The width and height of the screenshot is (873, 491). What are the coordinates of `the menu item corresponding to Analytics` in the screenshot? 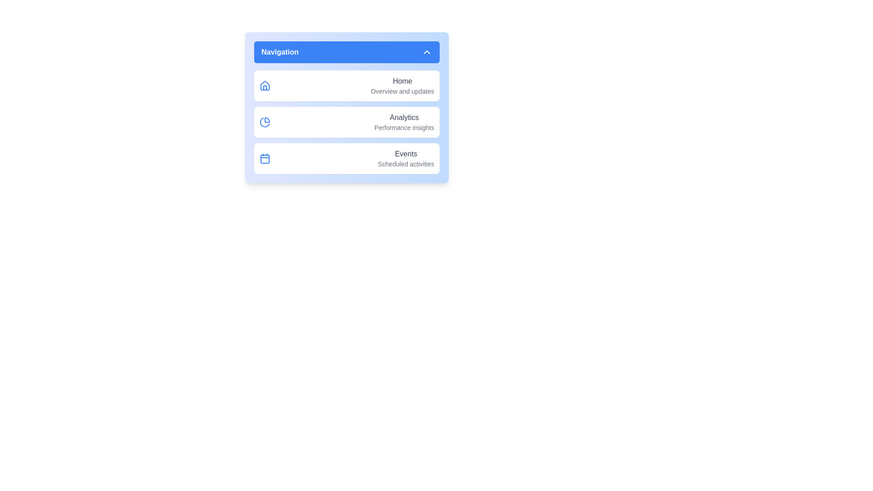 It's located at (279, 122).